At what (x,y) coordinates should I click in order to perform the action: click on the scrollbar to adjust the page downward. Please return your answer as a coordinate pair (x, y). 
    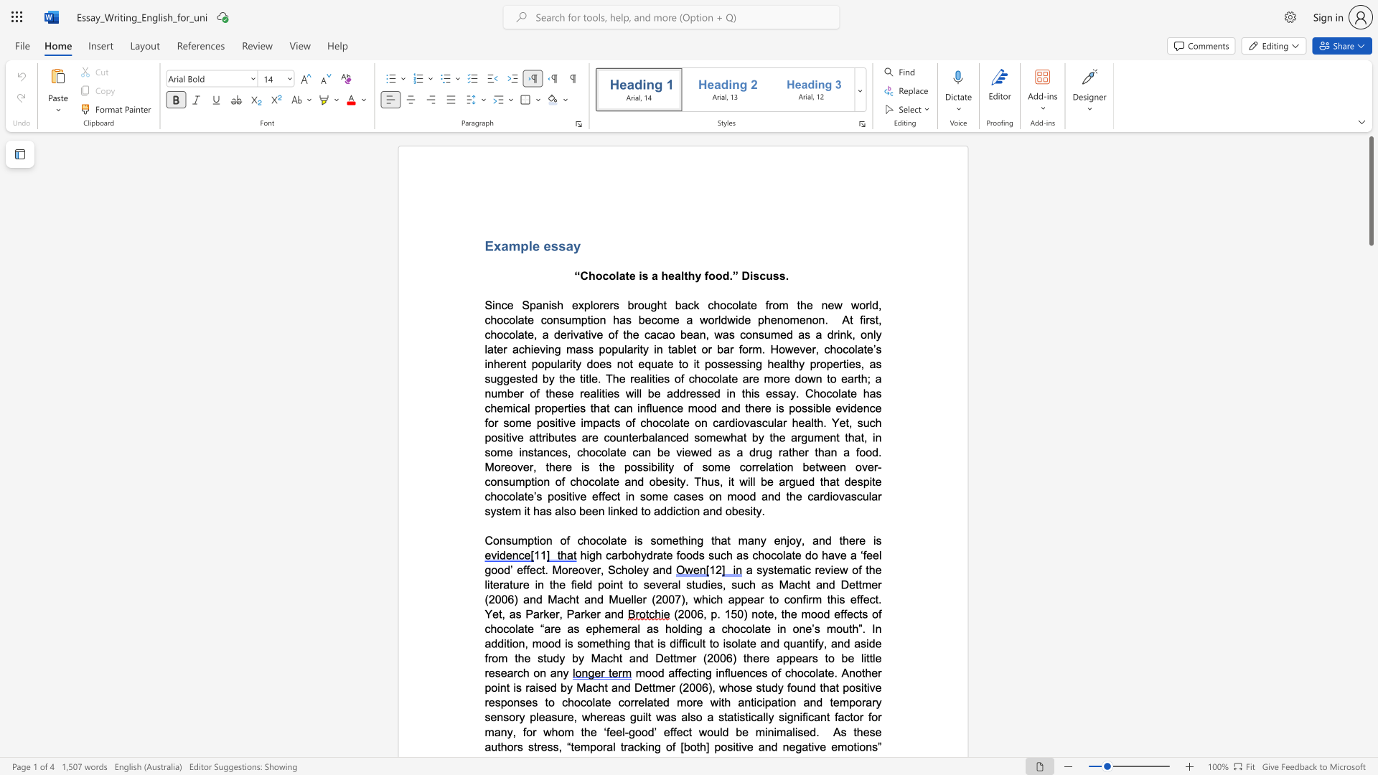
    Looking at the image, I should click on (1370, 738).